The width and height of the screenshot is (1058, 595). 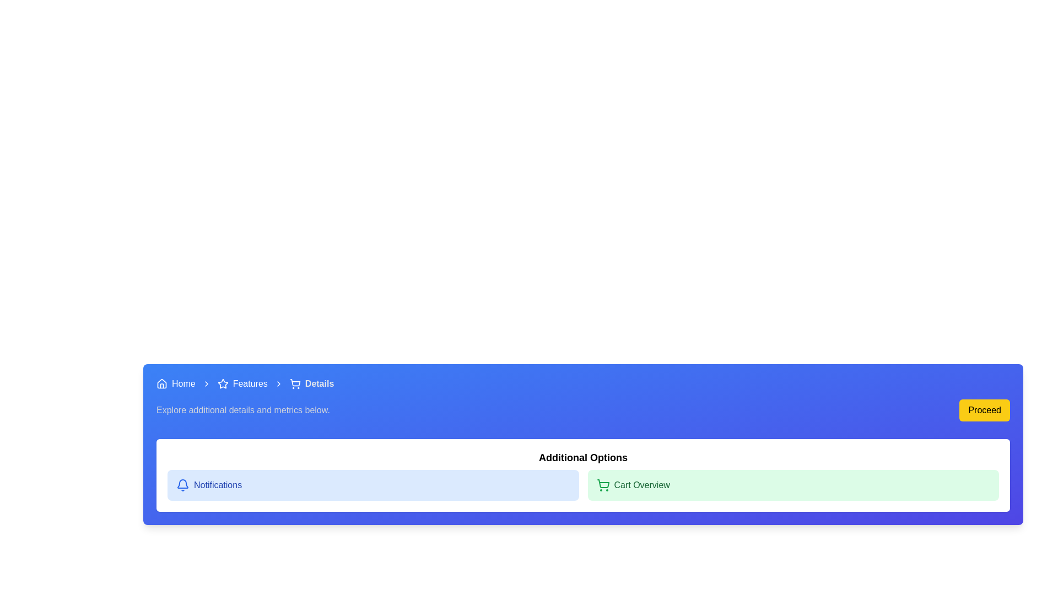 What do you see at coordinates (206, 383) in the screenshot?
I see `the separator icon in the breadcrumb navigation located between the 'Home' and 'Features' links at the top-left of the blue bar` at bounding box center [206, 383].